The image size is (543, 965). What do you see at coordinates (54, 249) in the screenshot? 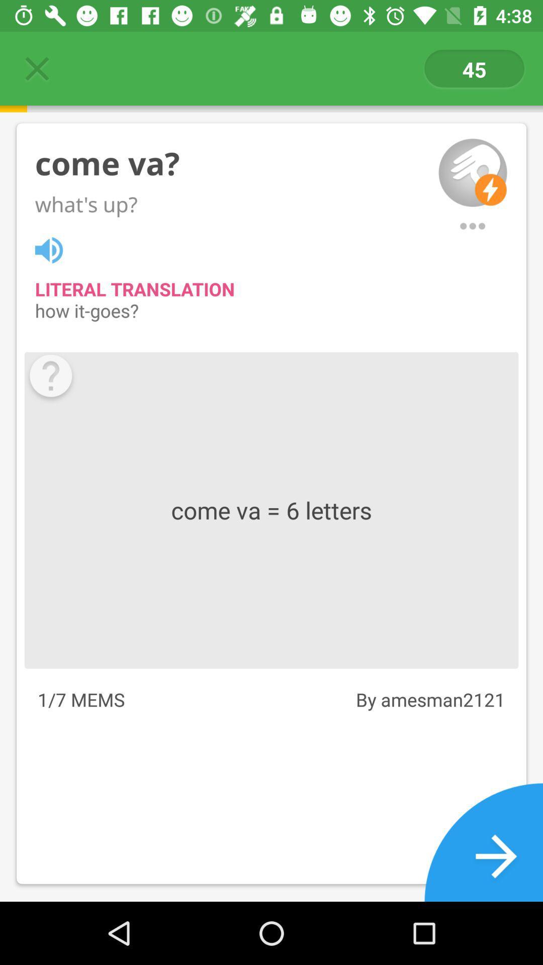
I see `audio clip of translation` at bounding box center [54, 249].